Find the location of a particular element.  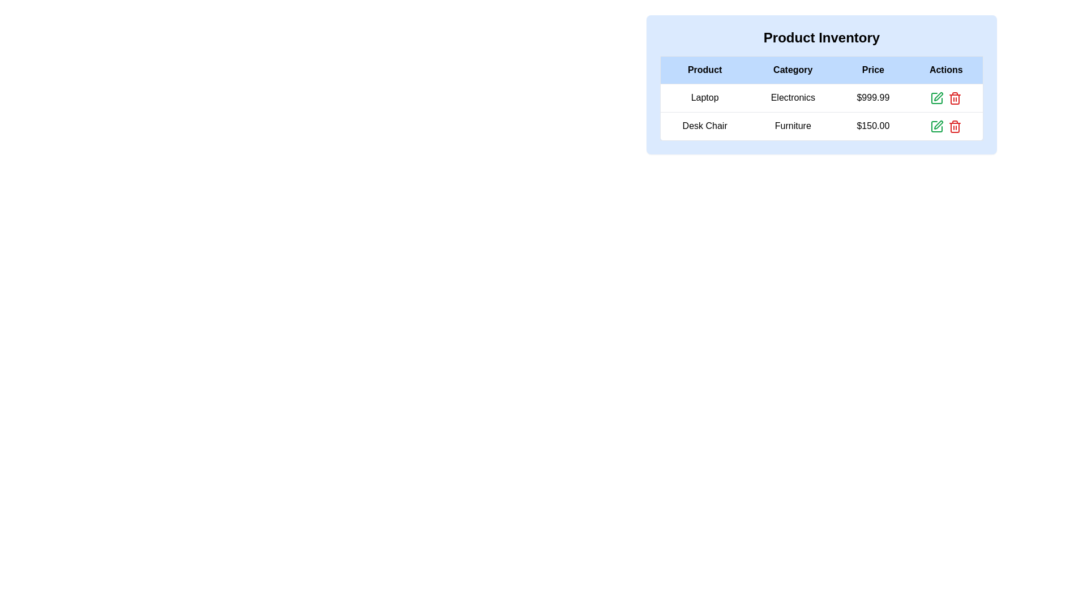

displayed text '$999.99' from the Text display in the first row, third column of the 'Product Inventory' card is located at coordinates (872, 97).